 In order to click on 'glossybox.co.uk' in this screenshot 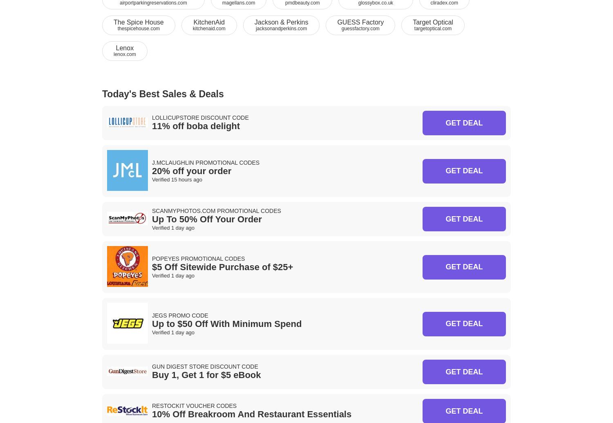, I will do `click(376, 3)`.